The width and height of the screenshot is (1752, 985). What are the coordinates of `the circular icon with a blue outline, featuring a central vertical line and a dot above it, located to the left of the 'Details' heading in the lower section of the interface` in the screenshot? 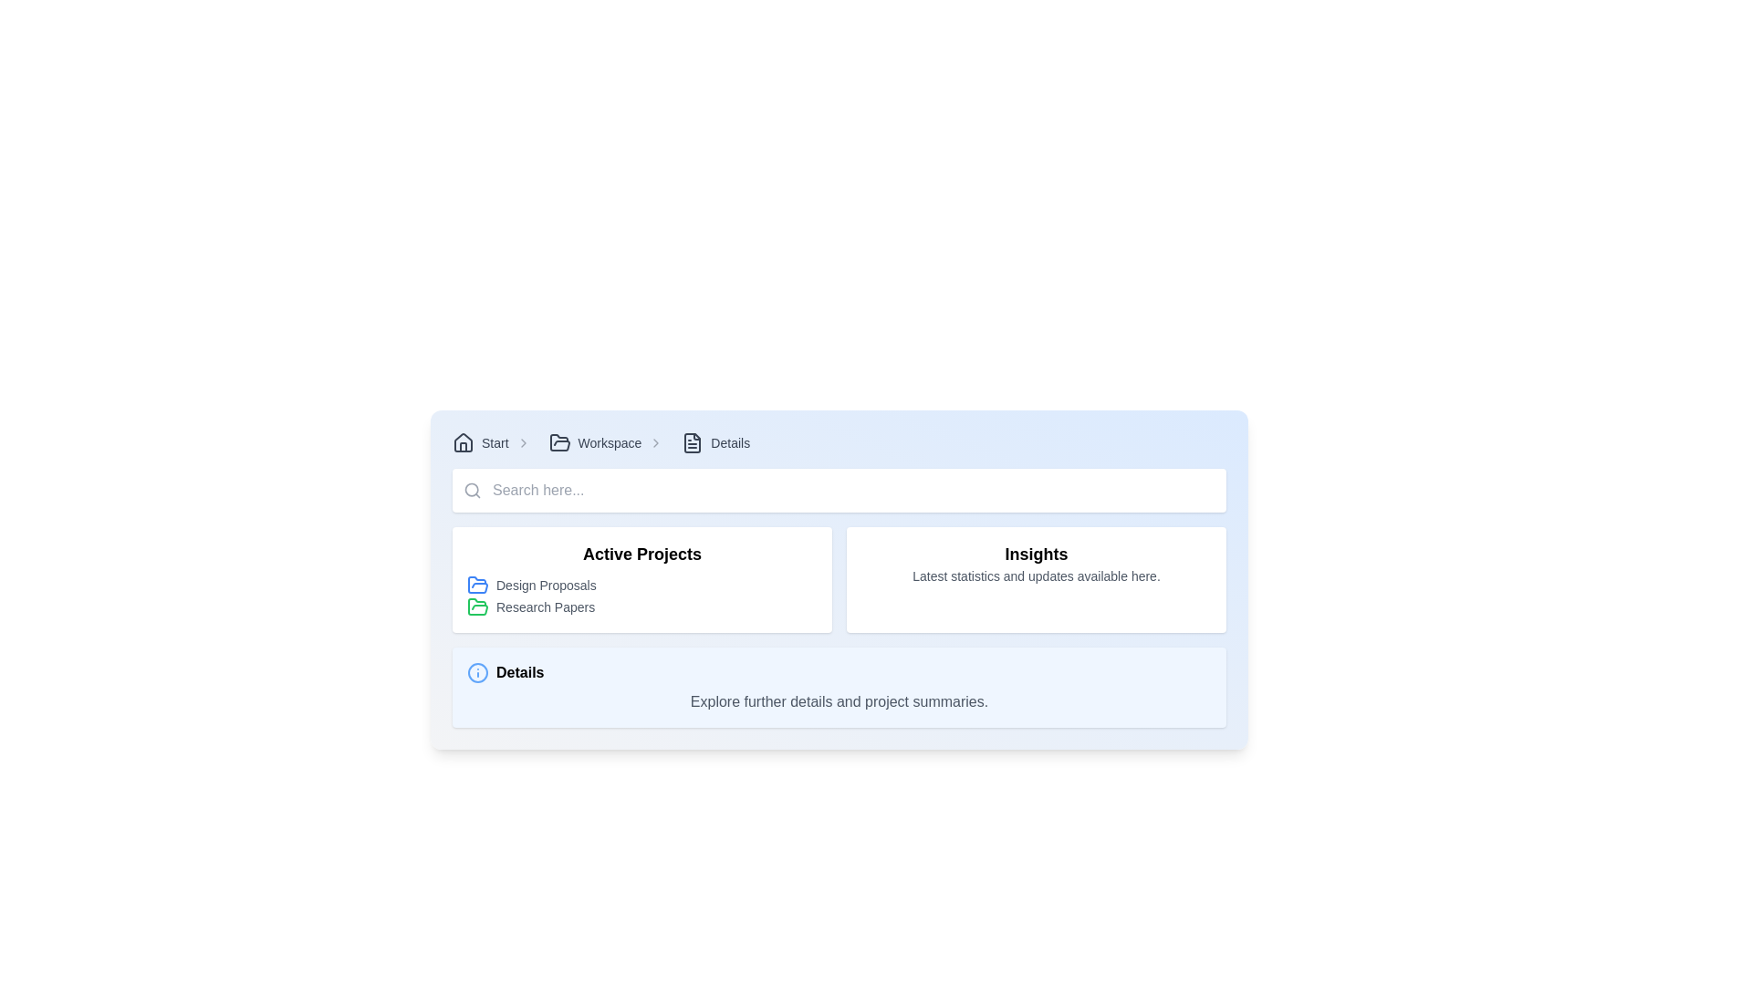 It's located at (477, 672).